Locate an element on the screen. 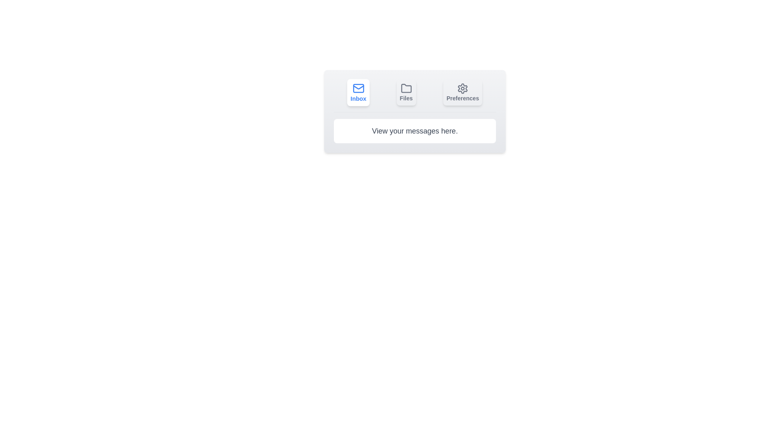 The width and height of the screenshot is (778, 437). the cogwheel icon representing settings, located centrally within the 'Preferences' option in the menu is located at coordinates (463, 89).